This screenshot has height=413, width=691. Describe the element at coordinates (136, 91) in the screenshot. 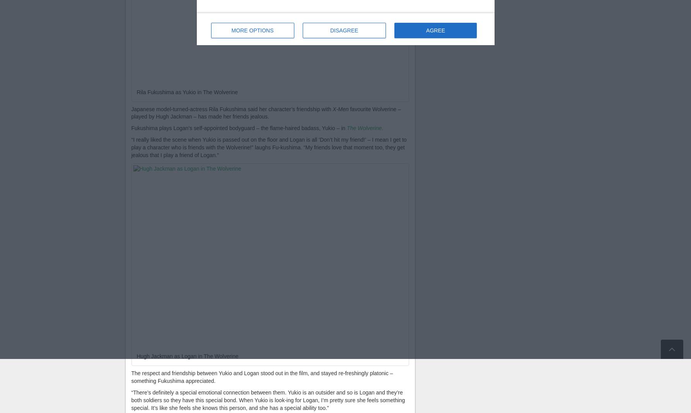

I see `'Rila Fukushima as Yukio in The Wolverine'` at that location.